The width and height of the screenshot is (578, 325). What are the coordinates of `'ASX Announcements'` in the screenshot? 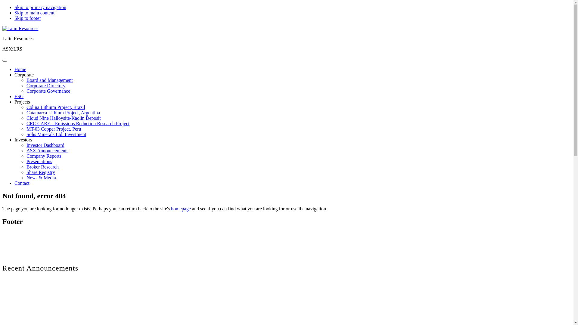 It's located at (47, 150).